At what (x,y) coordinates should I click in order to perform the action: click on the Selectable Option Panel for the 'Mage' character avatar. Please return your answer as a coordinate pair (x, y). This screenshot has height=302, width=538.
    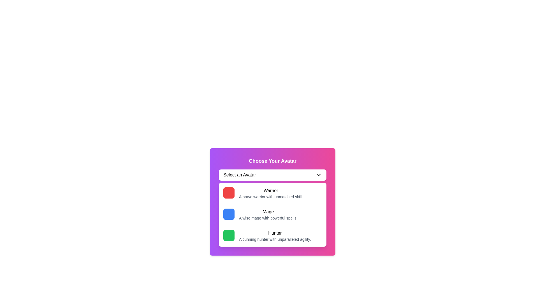
    Looking at the image, I should click on (273, 214).